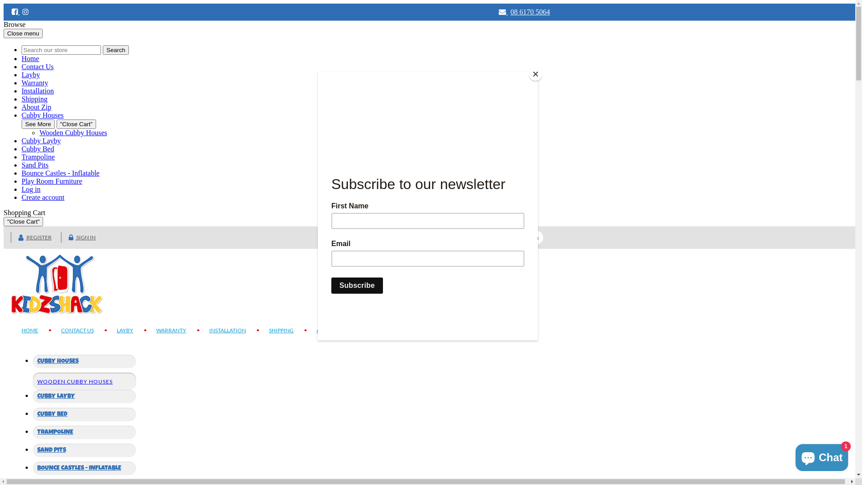 This screenshot has height=485, width=862. Describe the element at coordinates (84, 467) in the screenshot. I see `'BOUNCE CASTLES - INFLATABLE'` at that location.